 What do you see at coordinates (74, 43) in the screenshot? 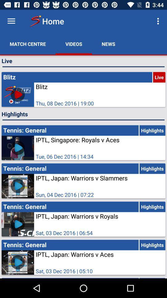
I see `videos` at bounding box center [74, 43].